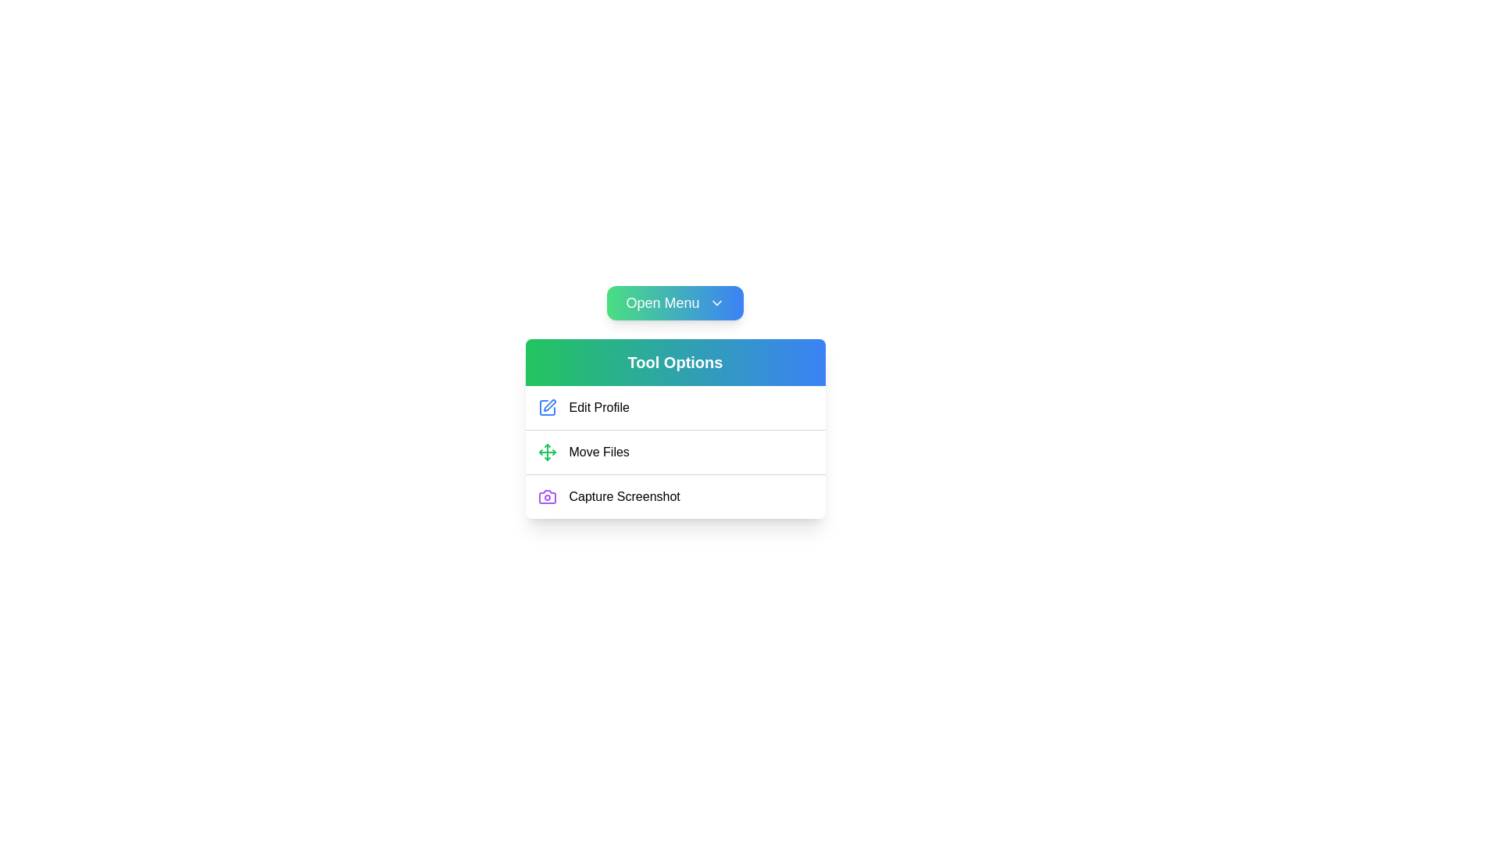 This screenshot has height=844, width=1500. I want to click on the static text label representing the second menu option in the 'Tool Options' list to initiate the file-moving operation, so click(598, 452).